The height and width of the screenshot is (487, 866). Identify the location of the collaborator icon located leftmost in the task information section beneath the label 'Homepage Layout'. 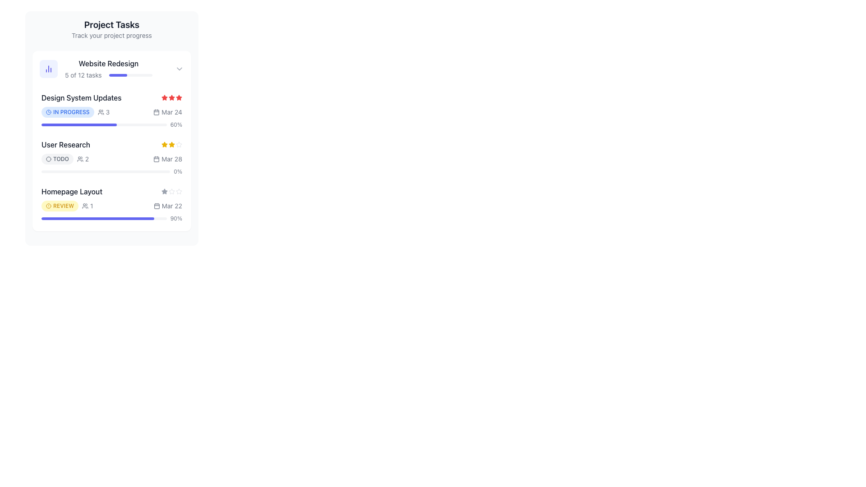
(85, 206).